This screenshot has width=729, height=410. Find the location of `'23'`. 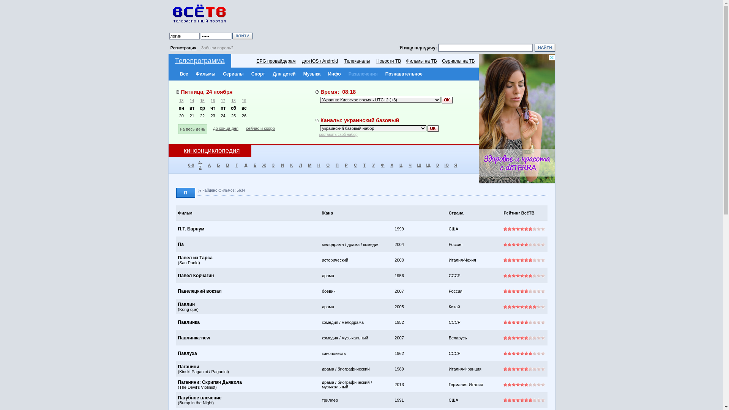

'23' is located at coordinates (213, 115).